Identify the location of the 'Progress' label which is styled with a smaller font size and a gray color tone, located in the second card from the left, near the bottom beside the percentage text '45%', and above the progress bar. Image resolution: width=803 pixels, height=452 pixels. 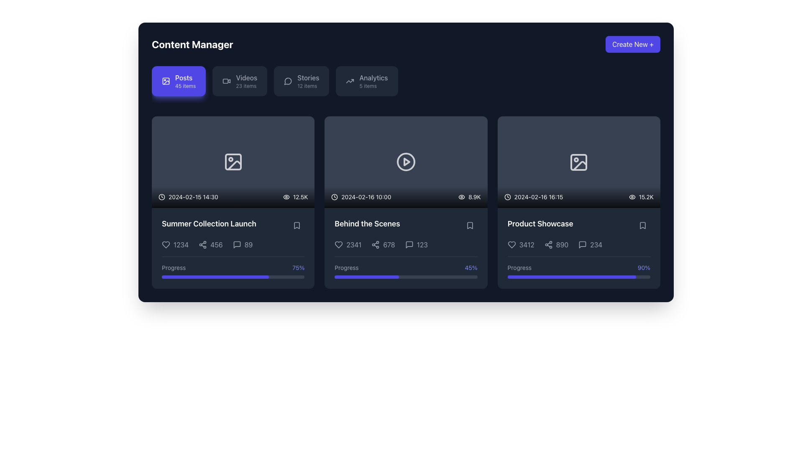
(347, 268).